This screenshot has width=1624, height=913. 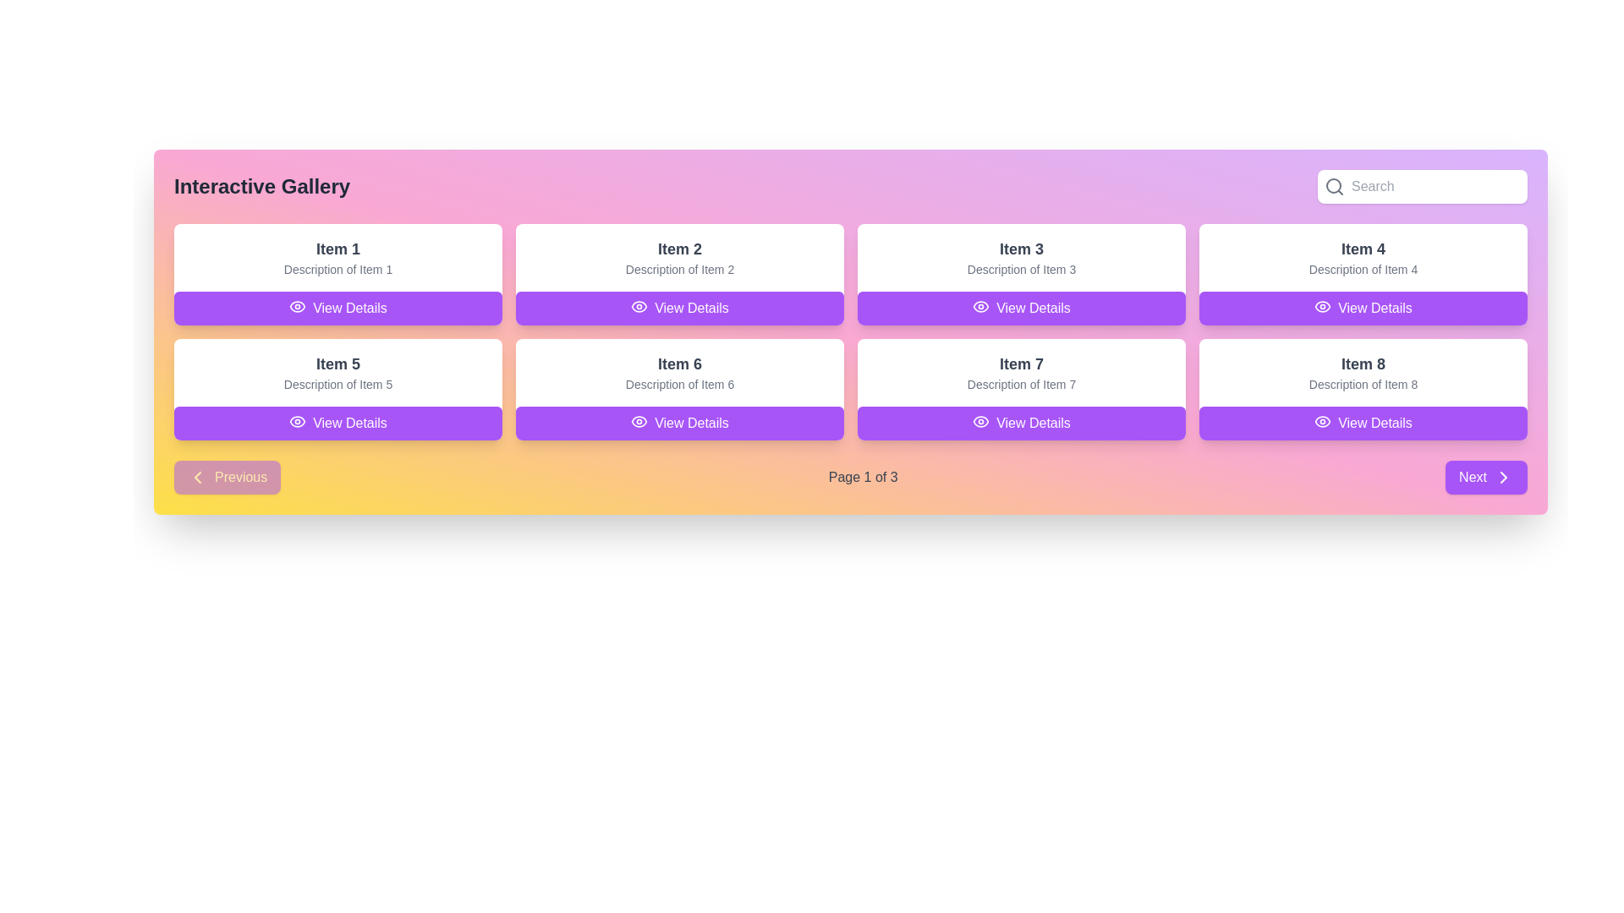 I want to click on the text label that displays the current page number and total number of pages, centrally located between the 'Previous' and 'Next' buttons, so click(x=863, y=477).